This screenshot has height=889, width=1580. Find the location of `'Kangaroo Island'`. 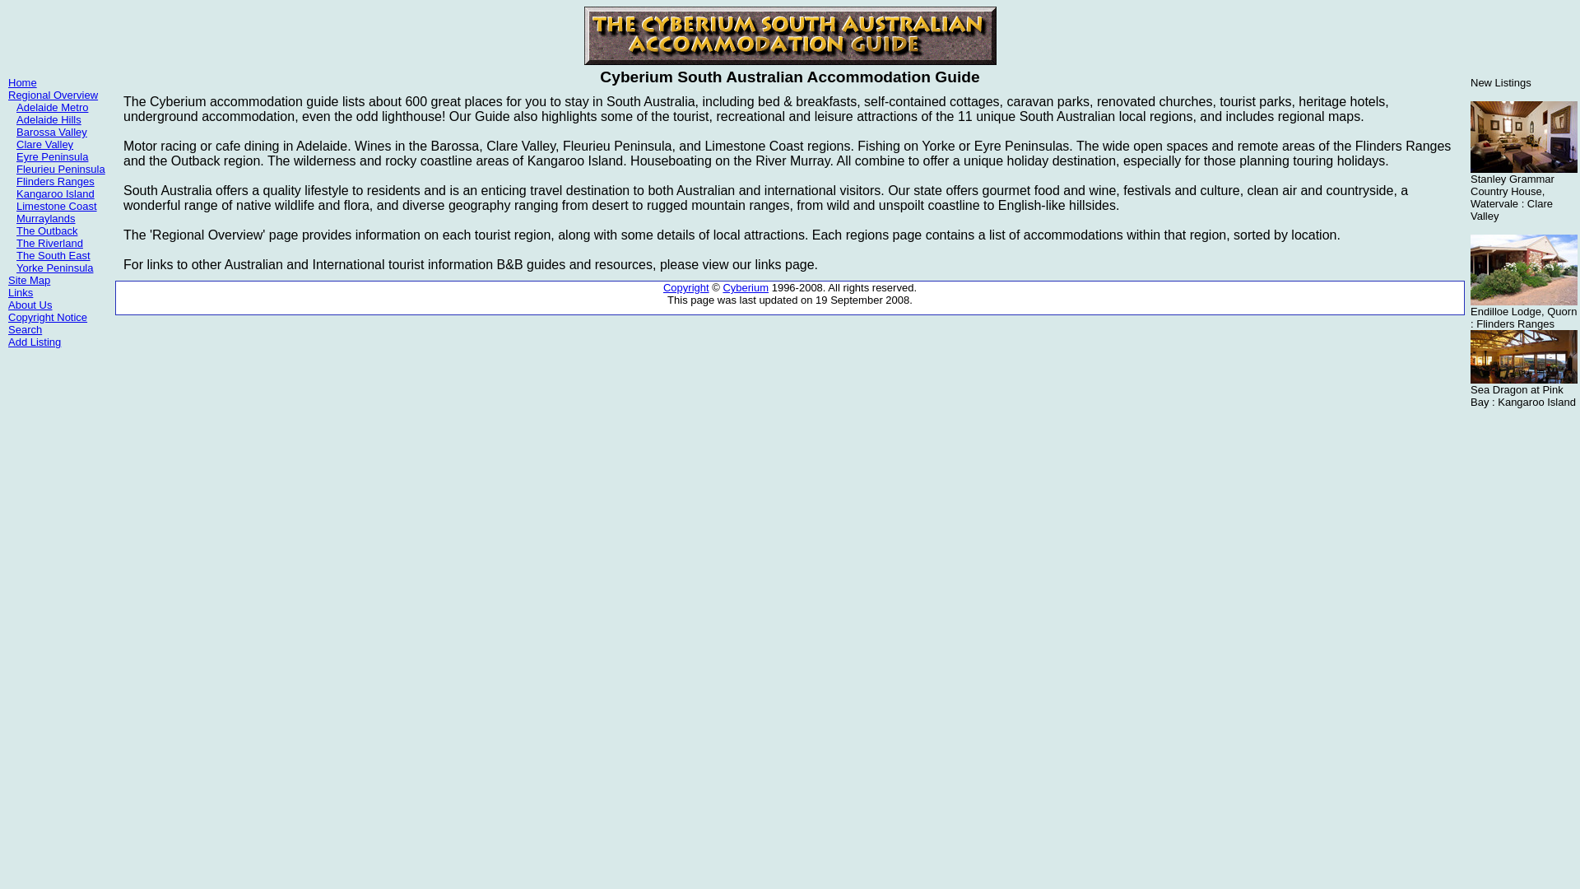

'Kangaroo Island' is located at coordinates (55, 193).